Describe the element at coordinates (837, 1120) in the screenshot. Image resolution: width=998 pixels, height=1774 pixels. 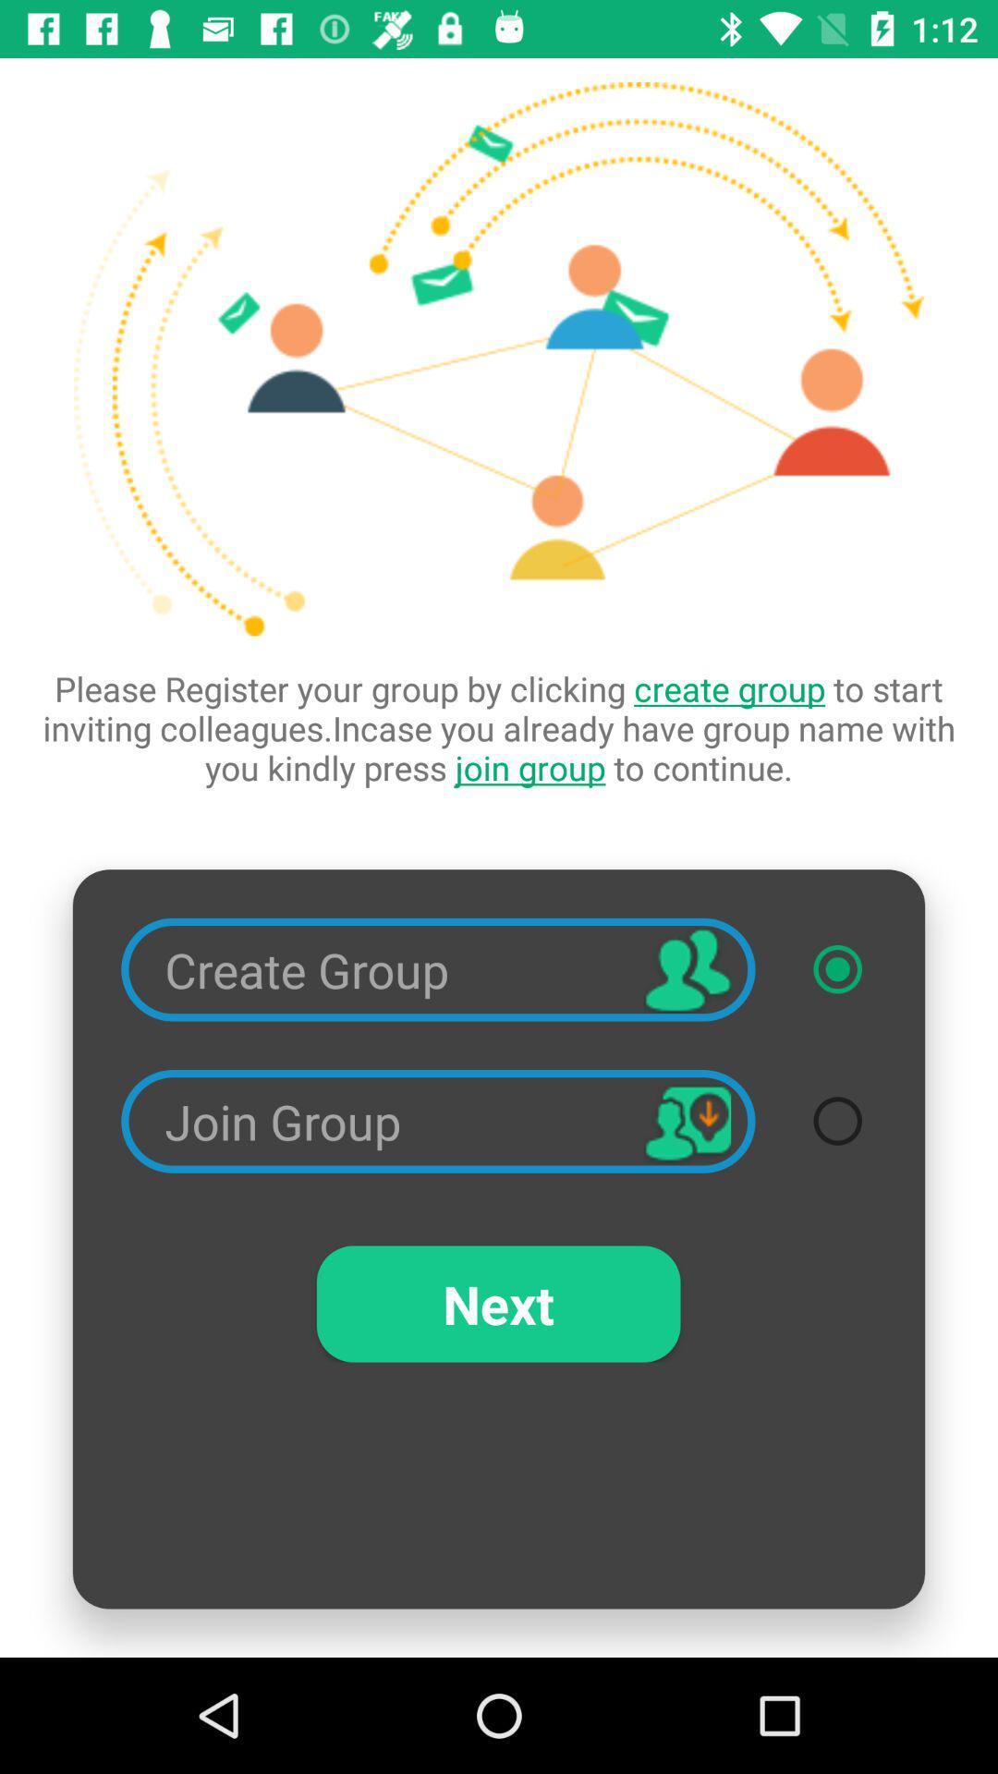
I see `join` at that location.